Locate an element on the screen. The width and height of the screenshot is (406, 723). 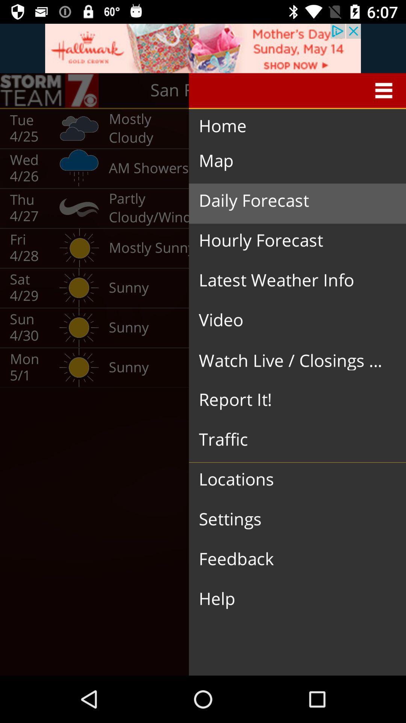
the icon to the right of am showers is located at coordinates (291, 201).